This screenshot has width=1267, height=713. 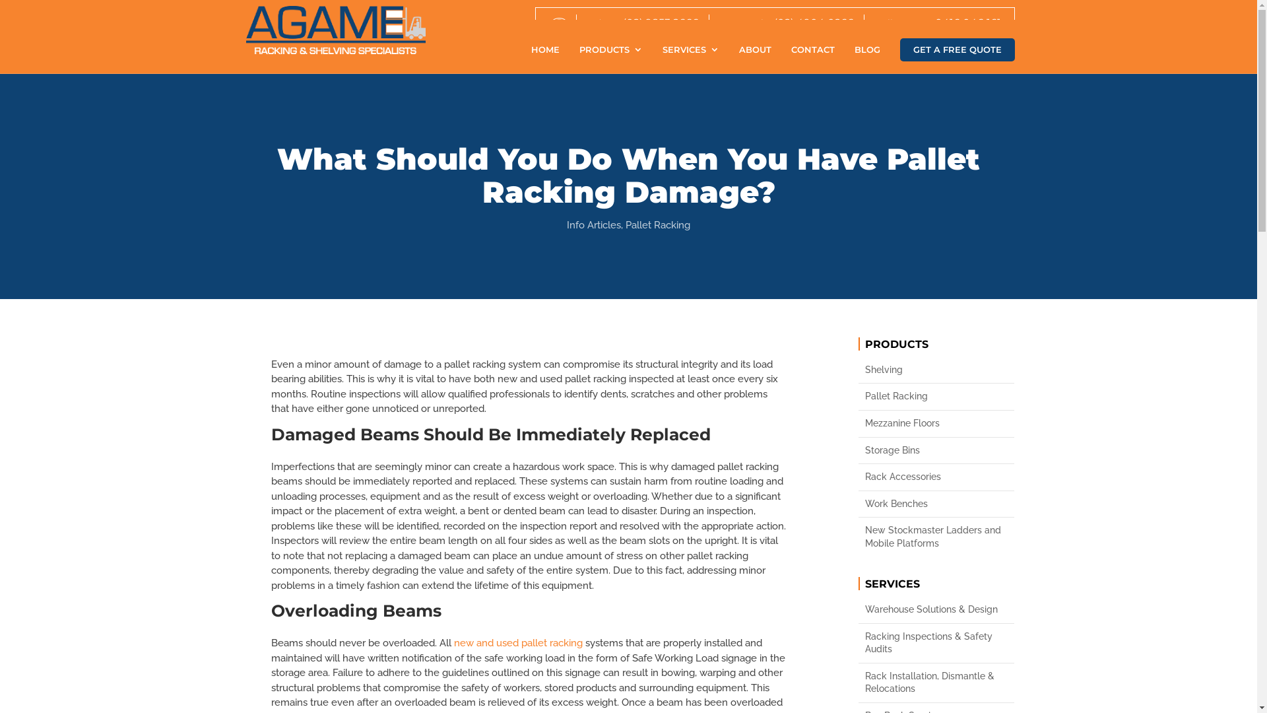 I want to click on 'Shelving', so click(x=936, y=370).